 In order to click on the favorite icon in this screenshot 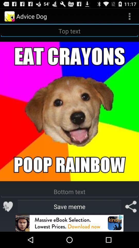, I will do `click(8, 221)`.